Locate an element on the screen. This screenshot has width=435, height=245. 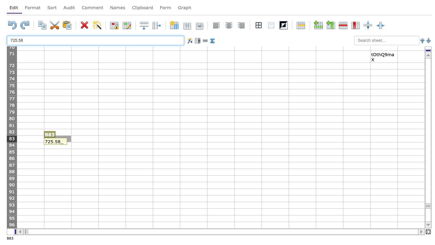
Place cursor on fill handle point of F96 is located at coordinates (180, 228).